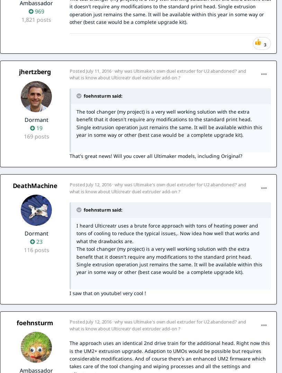  I want to click on '969', so click(38, 11).